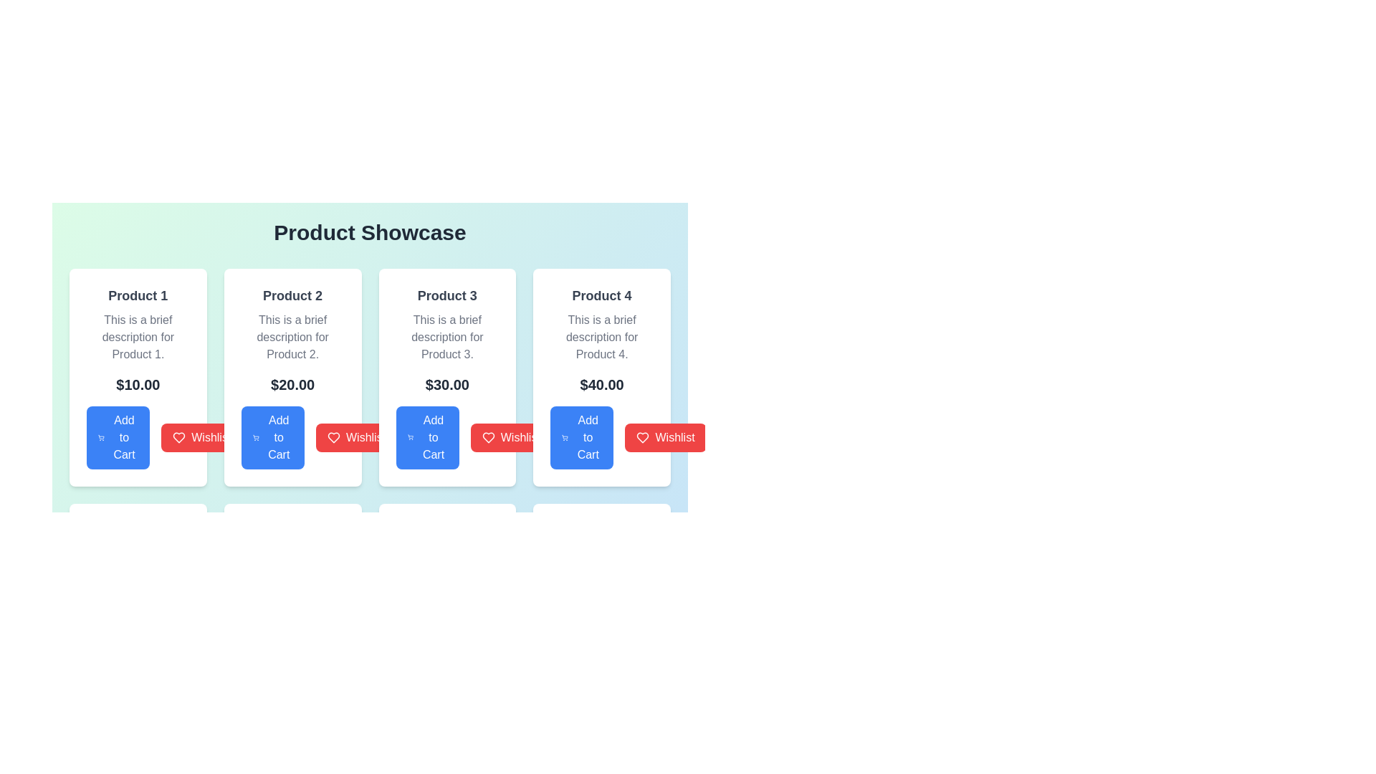  Describe the element at coordinates (432, 436) in the screenshot. I see `the 'Add to Cart' button, which features white text on a medium blue background and includes a shopping cart icon to its left` at that location.